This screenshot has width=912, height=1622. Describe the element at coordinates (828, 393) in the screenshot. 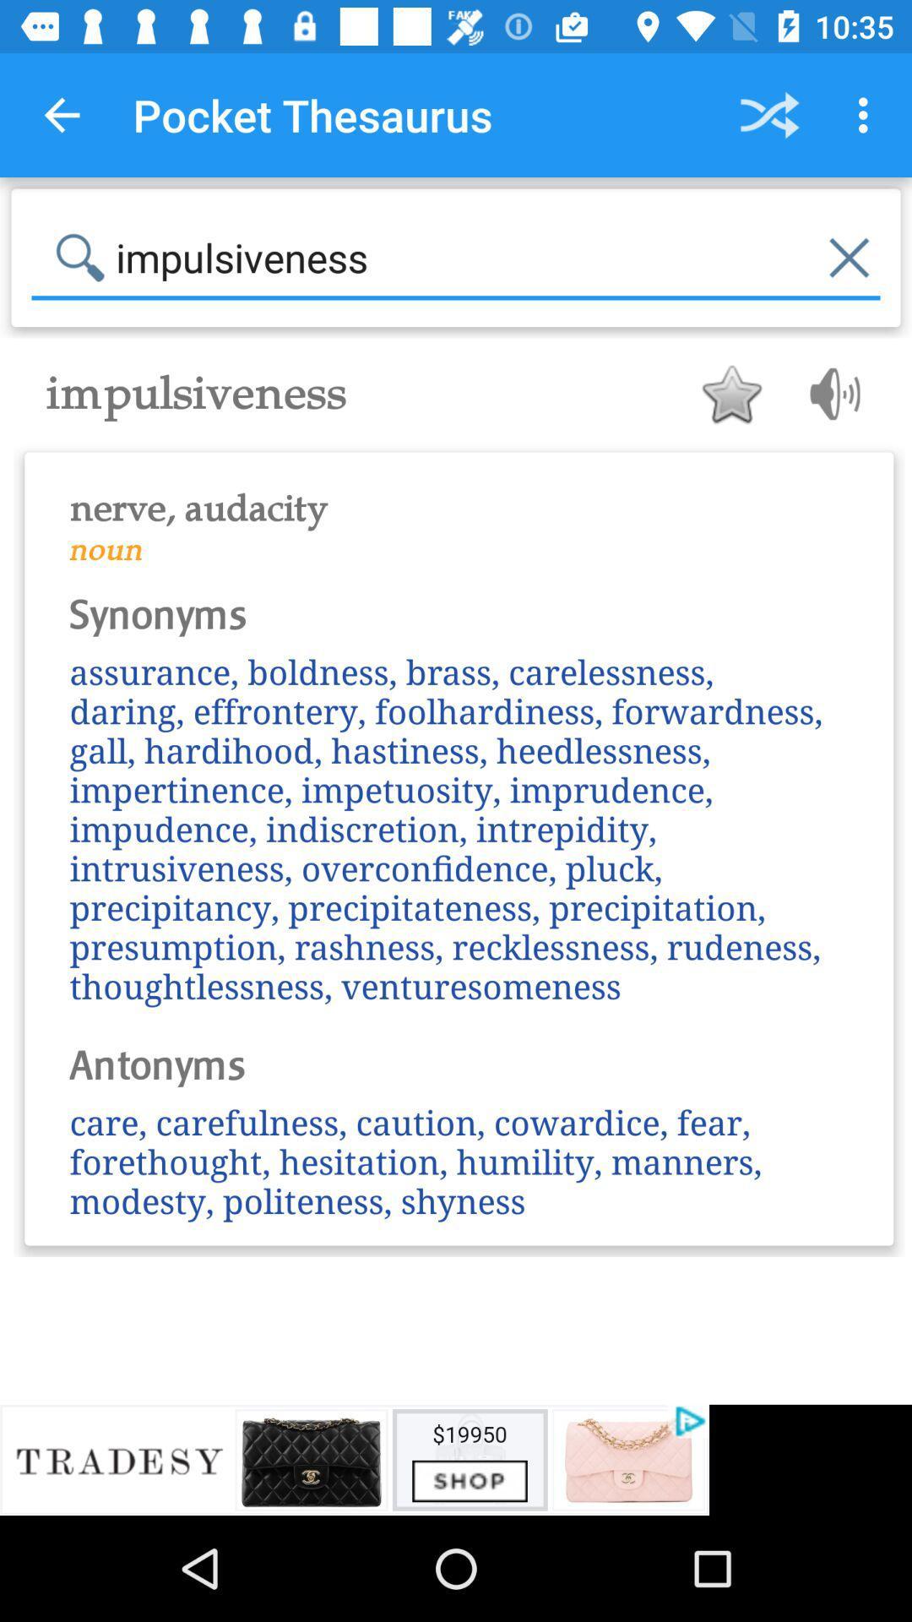

I see `volume` at that location.